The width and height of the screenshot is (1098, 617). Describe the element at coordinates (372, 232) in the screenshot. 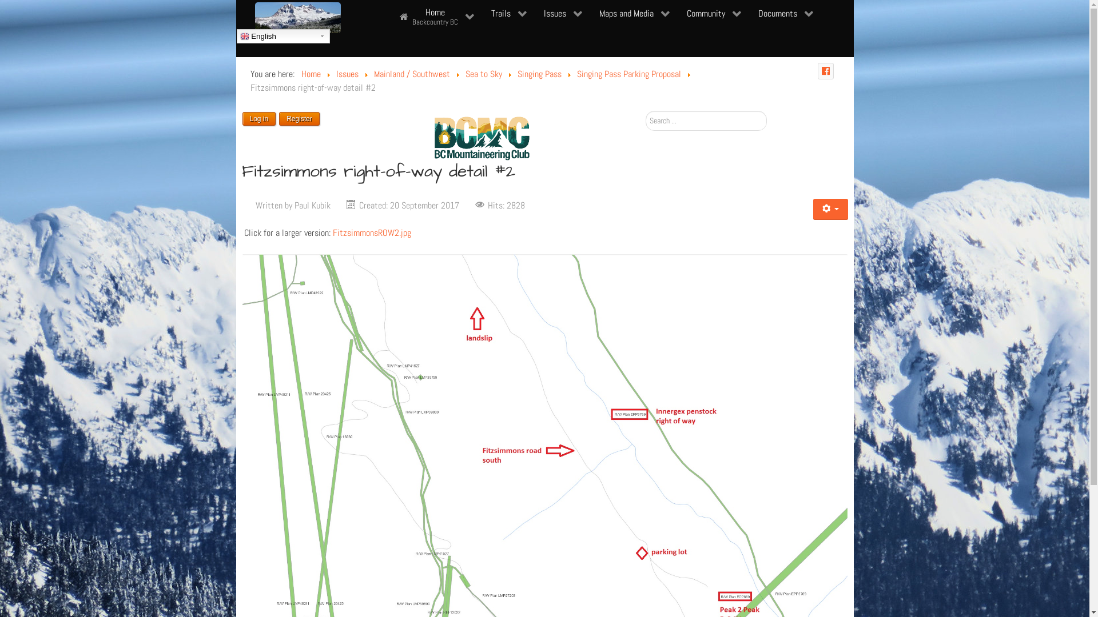

I see `'FitzsimmonsROW2.jpg'` at that location.